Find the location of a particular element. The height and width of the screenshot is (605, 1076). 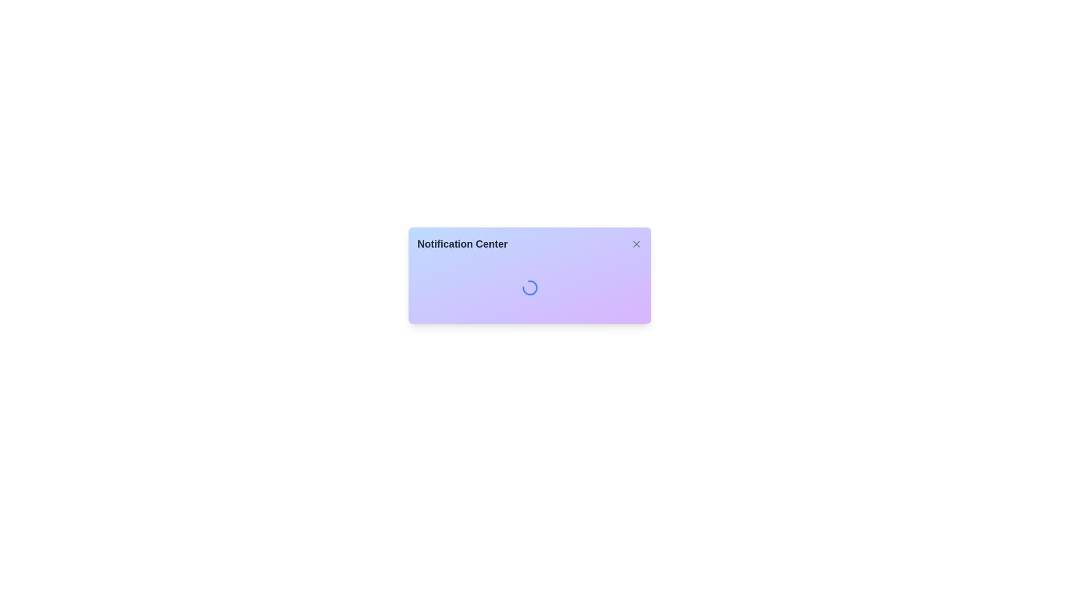

the spinning circular loading icon in the Notification Center dialog, which is styled with a blue hue and appears centered within a light purple gradient box is located at coordinates (529, 287).